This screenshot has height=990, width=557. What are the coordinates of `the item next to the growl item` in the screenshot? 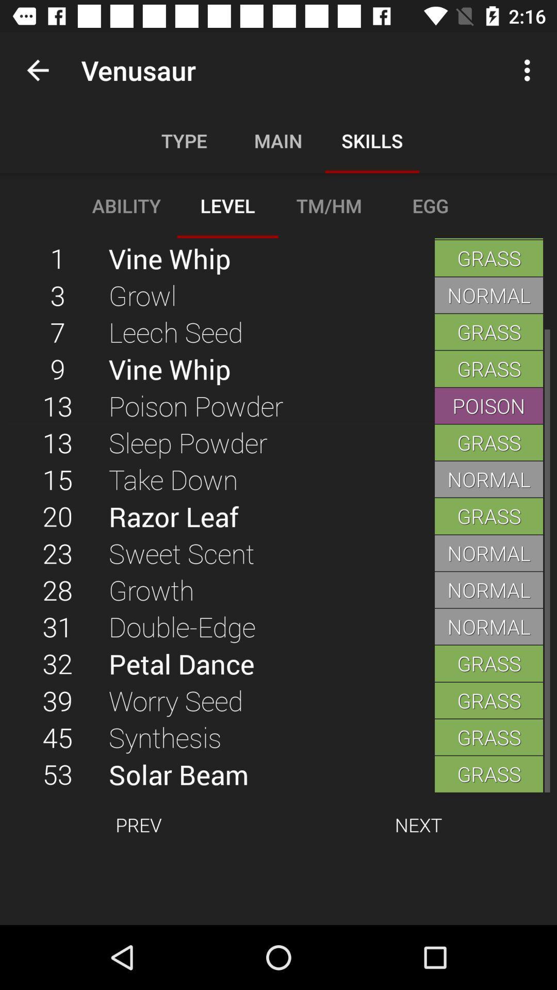 It's located at (58, 332).